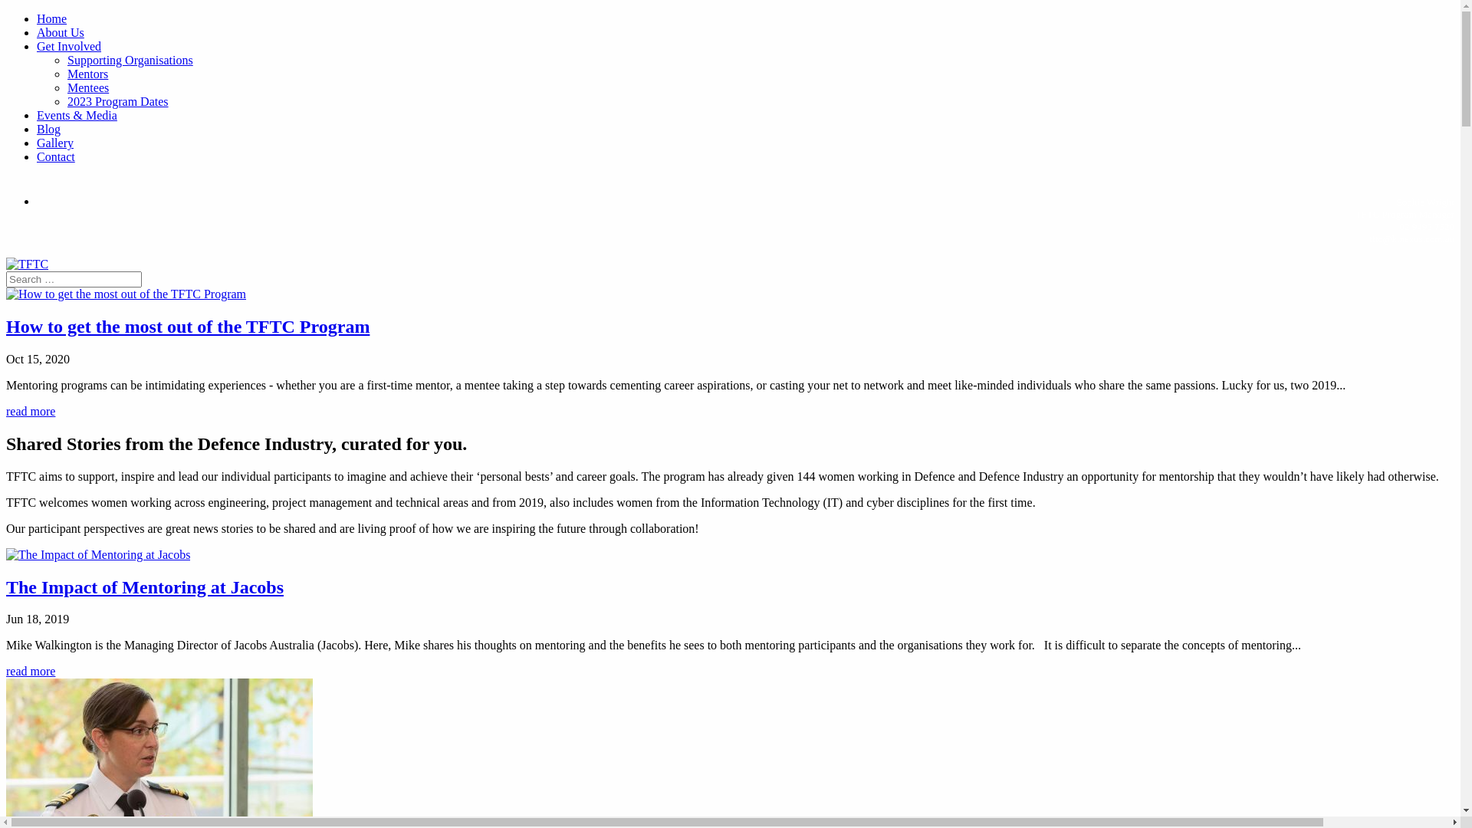  I want to click on 'Search for:', so click(73, 279).